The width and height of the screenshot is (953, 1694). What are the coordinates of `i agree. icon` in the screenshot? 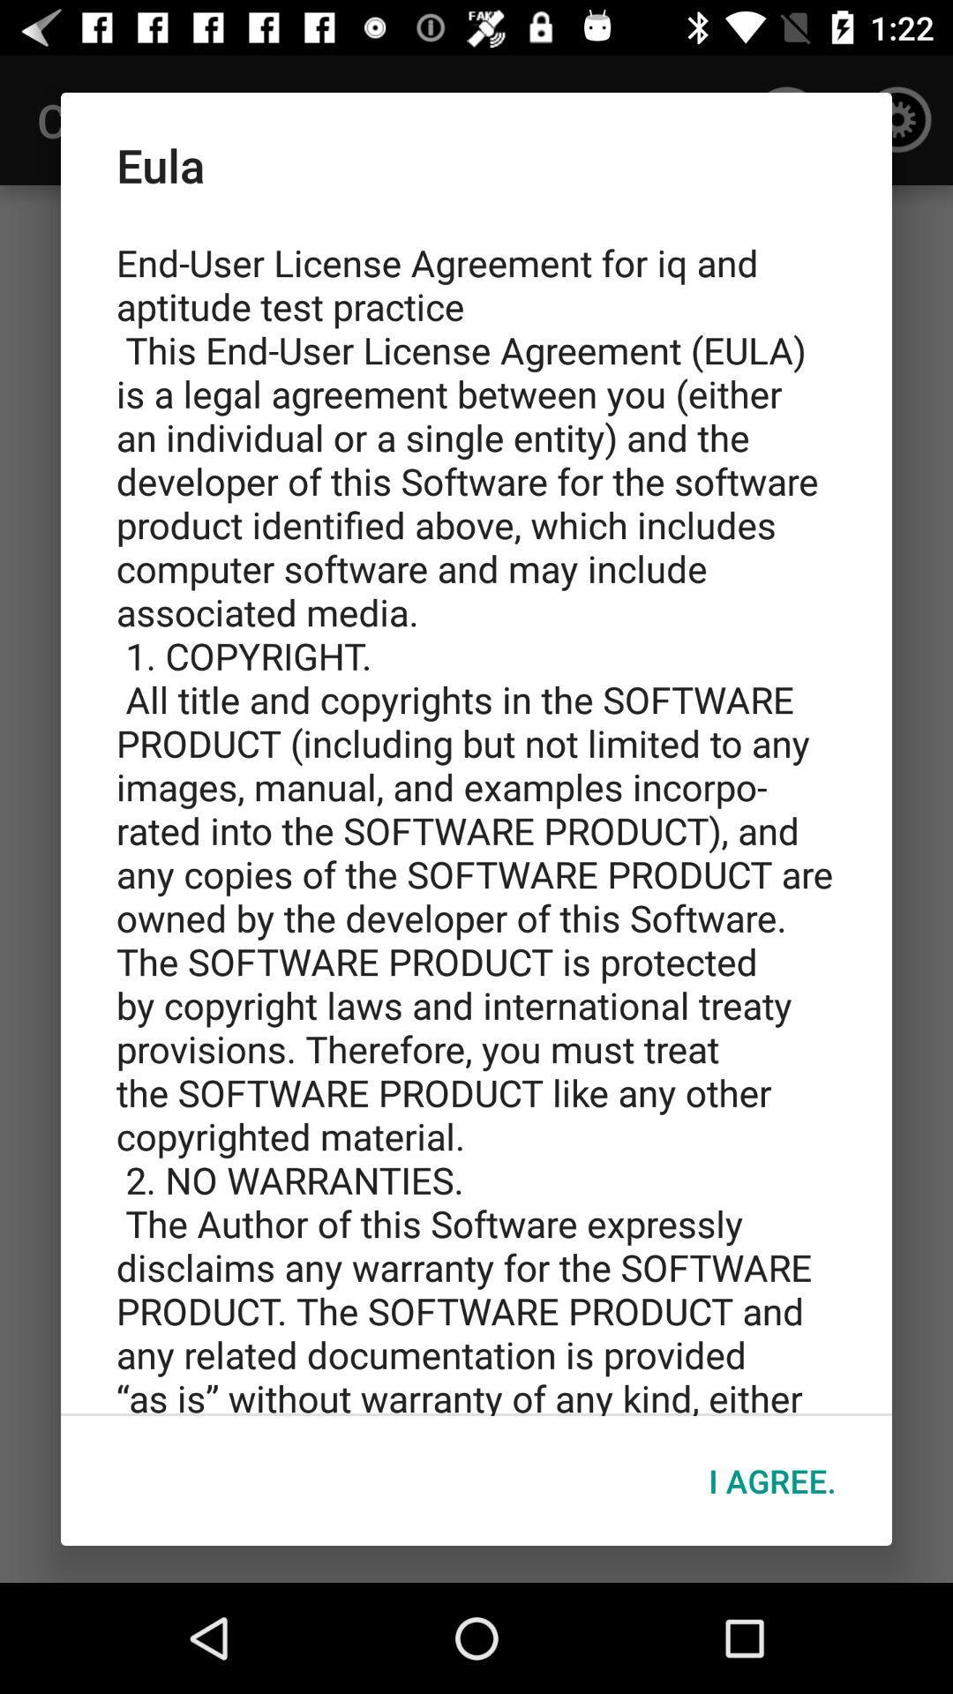 It's located at (771, 1480).